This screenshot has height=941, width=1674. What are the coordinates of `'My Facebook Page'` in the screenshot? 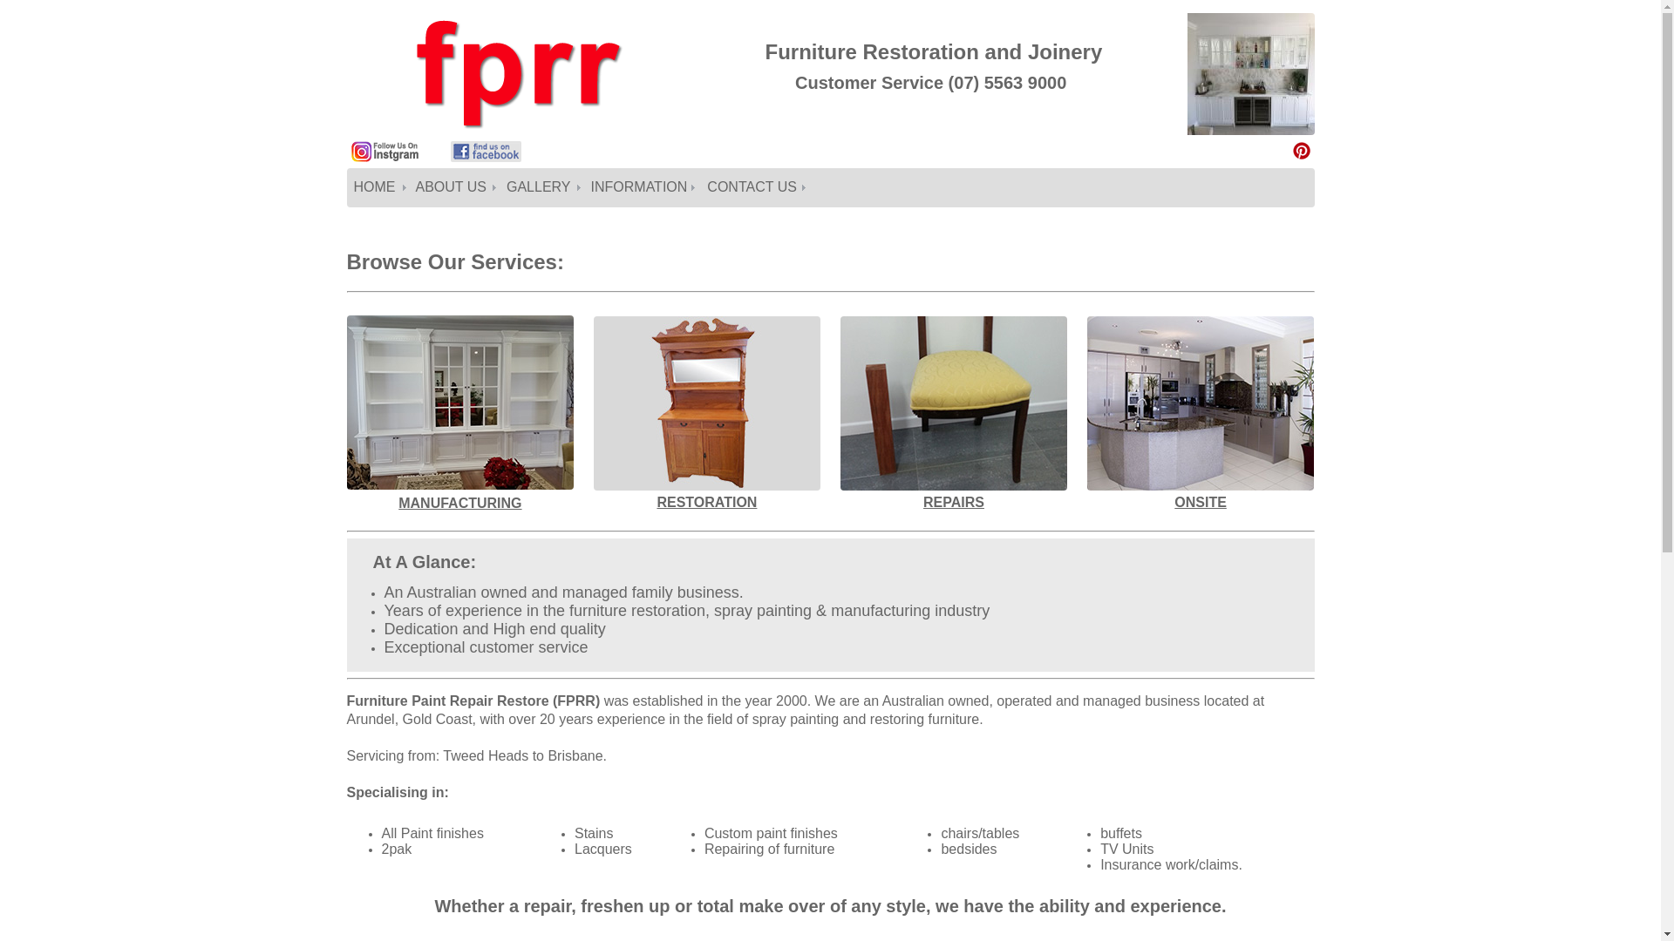 It's located at (449, 159).